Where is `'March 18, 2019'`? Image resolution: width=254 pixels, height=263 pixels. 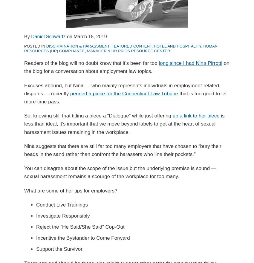
'March 18, 2019' is located at coordinates (73, 36).